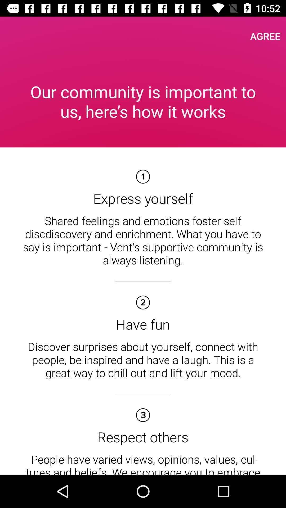 Image resolution: width=286 pixels, height=508 pixels. What do you see at coordinates (265, 36) in the screenshot?
I see `the agree icon` at bounding box center [265, 36].